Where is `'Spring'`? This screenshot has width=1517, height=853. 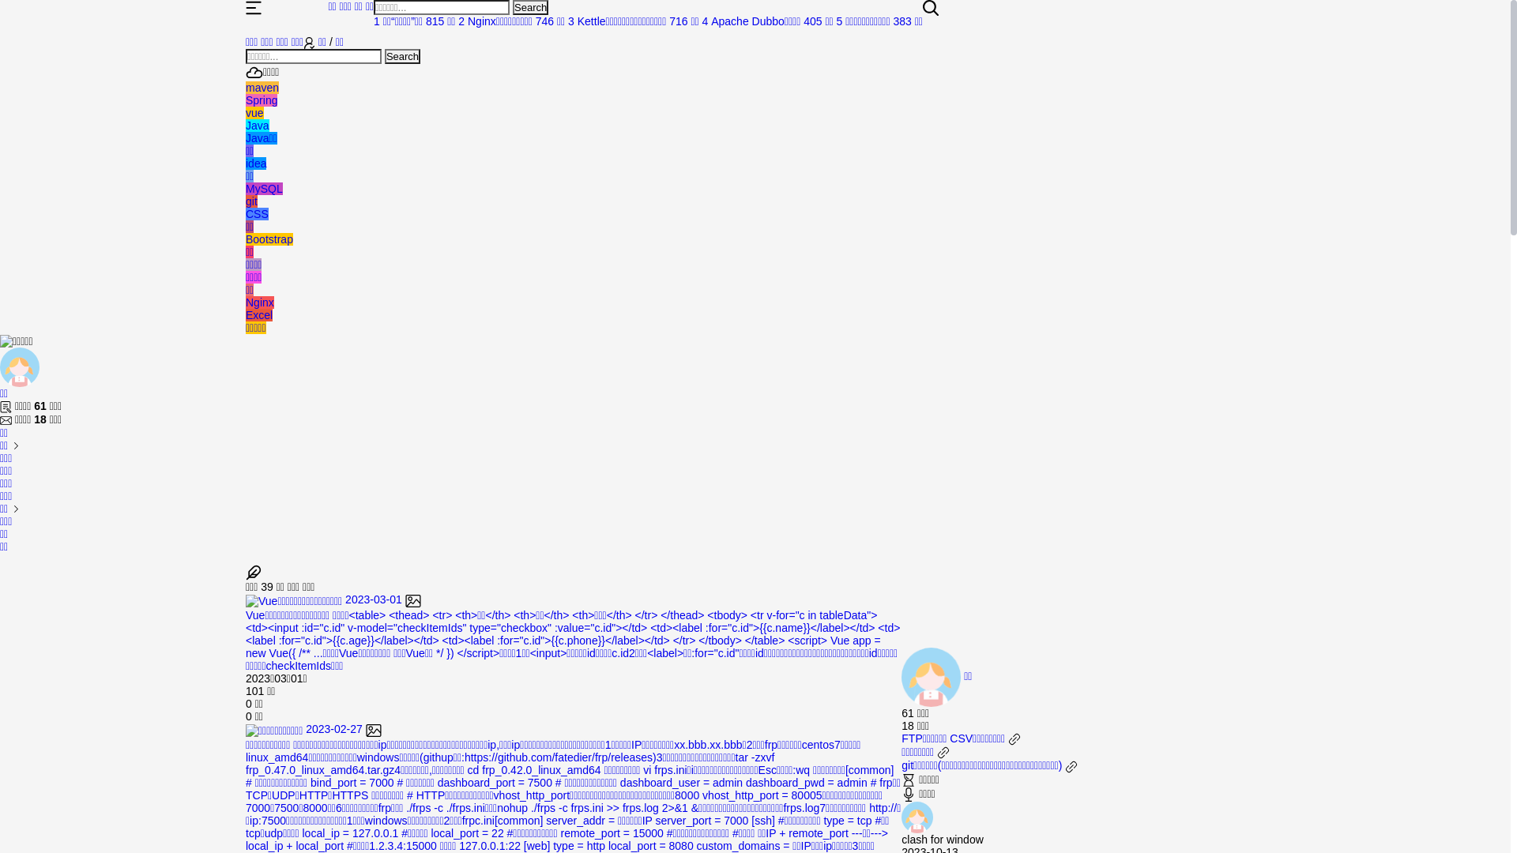 'Spring' is located at coordinates (245, 100).